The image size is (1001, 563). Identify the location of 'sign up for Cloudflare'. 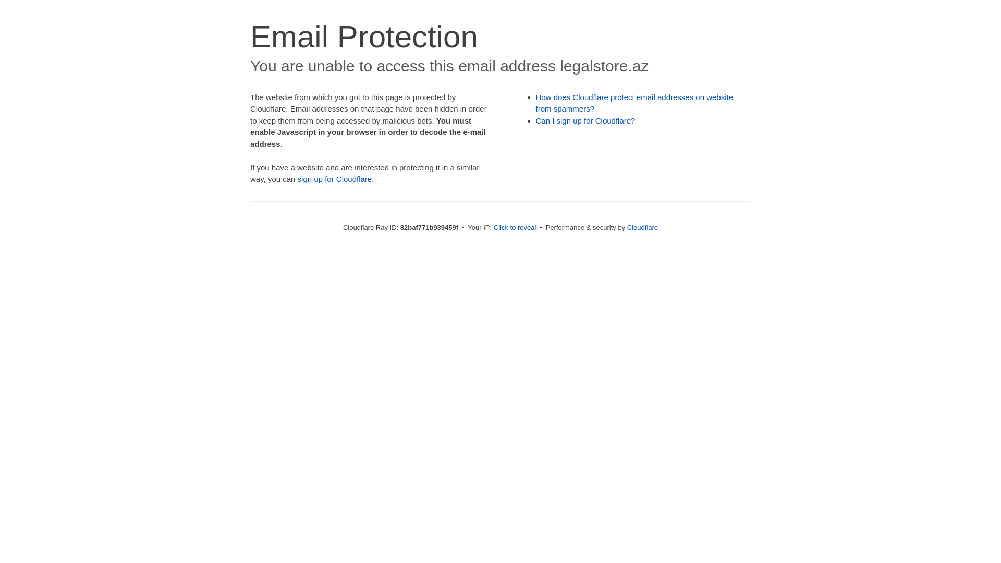
(335, 178).